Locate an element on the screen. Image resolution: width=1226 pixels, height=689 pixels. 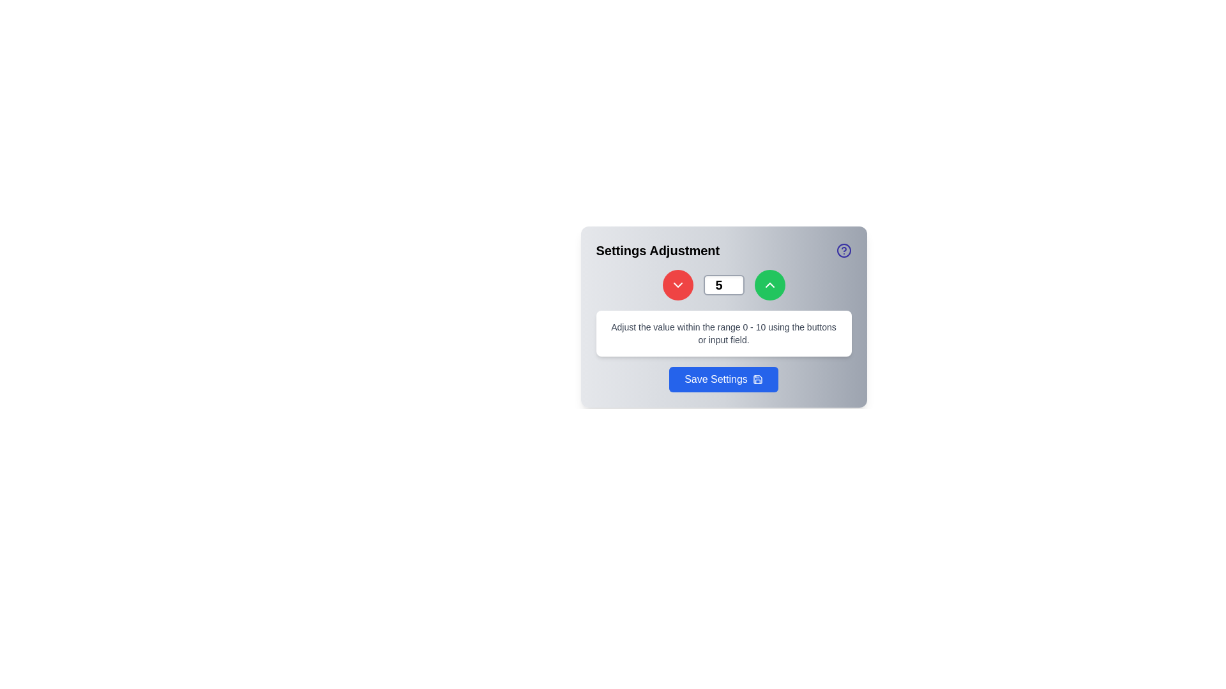
the blue circular element that forms the main structure of the question-mark icon located in the top-right corner of the settings dialog box is located at coordinates (844, 251).